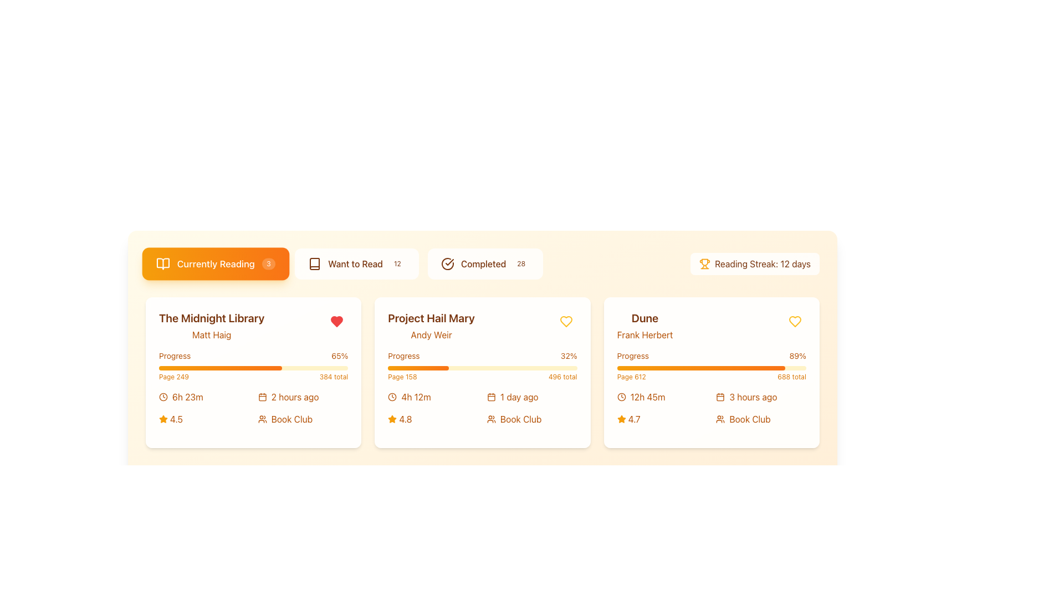 The width and height of the screenshot is (1064, 599). What do you see at coordinates (314, 263) in the screenshot?
I see `the book icon within the 'Want to Read' button, which is the second button in the horizontal toolbar at the top of the interface` at bounding box center [314, 263].